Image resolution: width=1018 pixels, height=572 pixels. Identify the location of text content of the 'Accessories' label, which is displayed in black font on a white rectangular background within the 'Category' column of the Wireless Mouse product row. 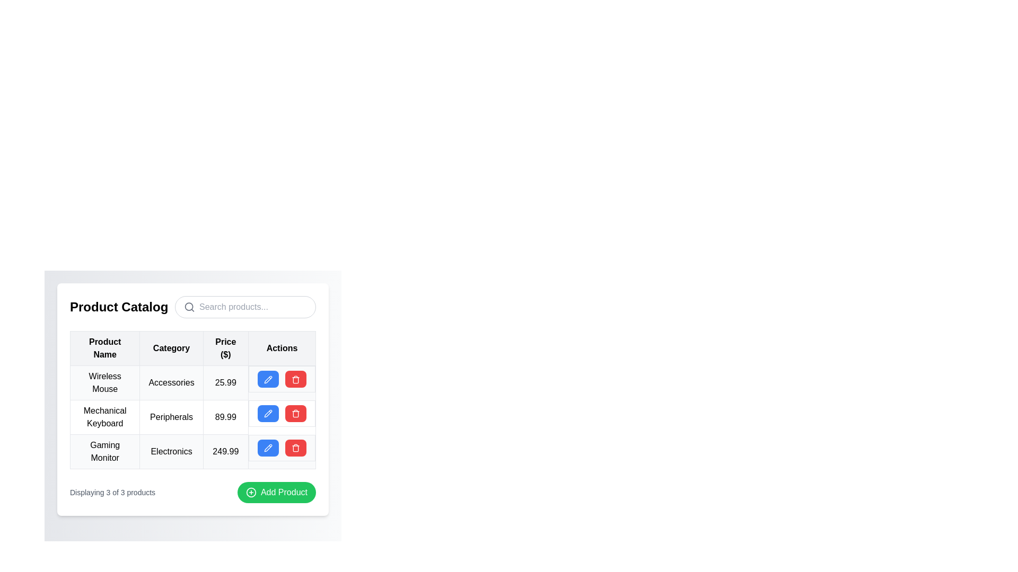
(171, 382).